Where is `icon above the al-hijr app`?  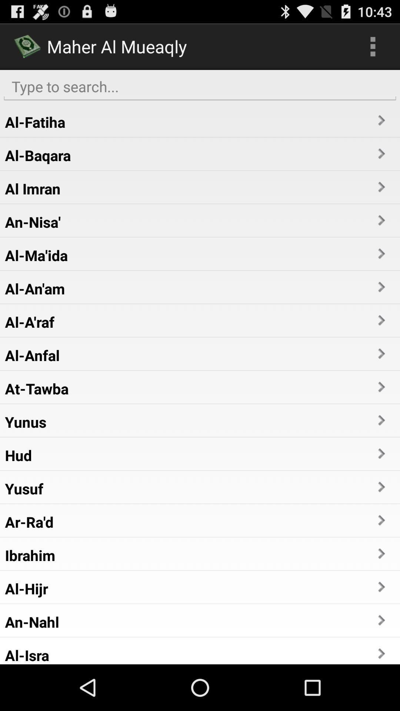 icon above the al-hijr app is located at coordinates (30, 555).